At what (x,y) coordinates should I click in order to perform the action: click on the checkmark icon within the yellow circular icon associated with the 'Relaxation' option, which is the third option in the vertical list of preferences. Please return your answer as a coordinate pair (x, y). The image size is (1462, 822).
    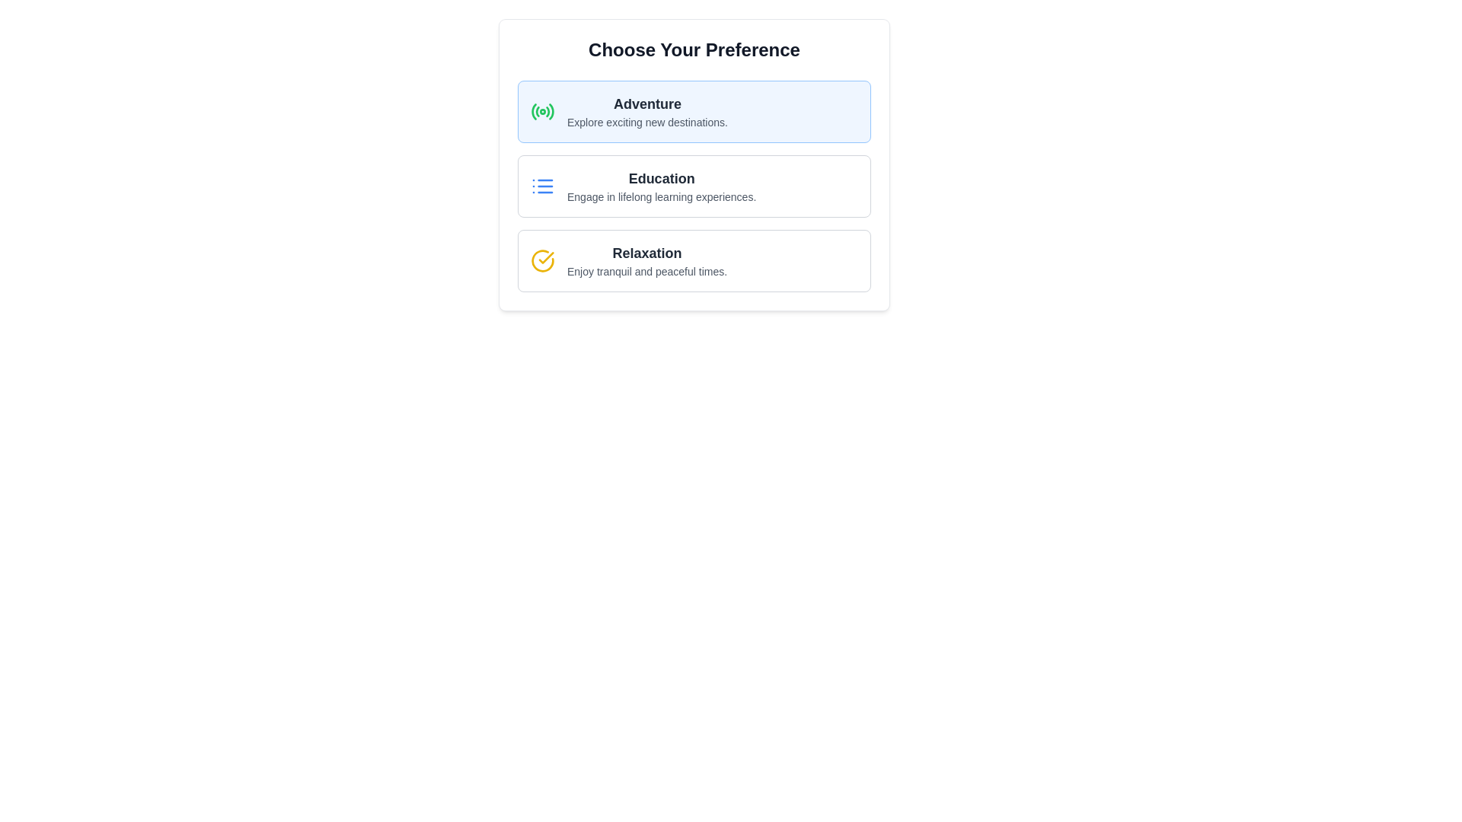
    Looking at the image, I should click on (546, 257).